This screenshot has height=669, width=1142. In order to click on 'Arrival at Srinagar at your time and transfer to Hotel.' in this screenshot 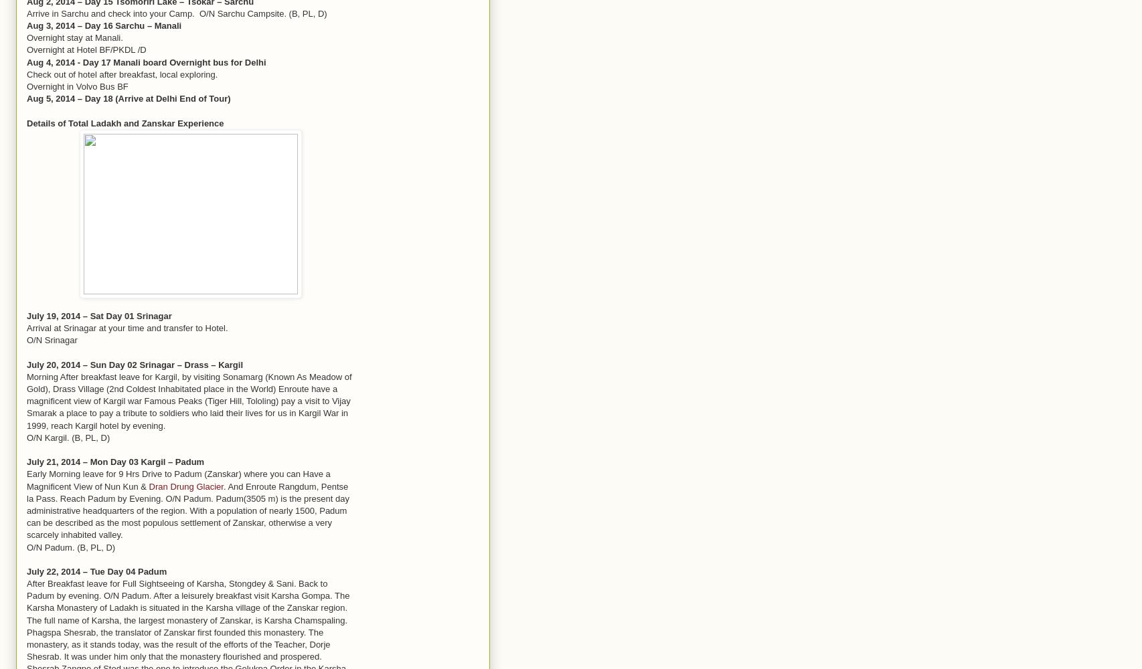, I will do `click(127, 327)`.